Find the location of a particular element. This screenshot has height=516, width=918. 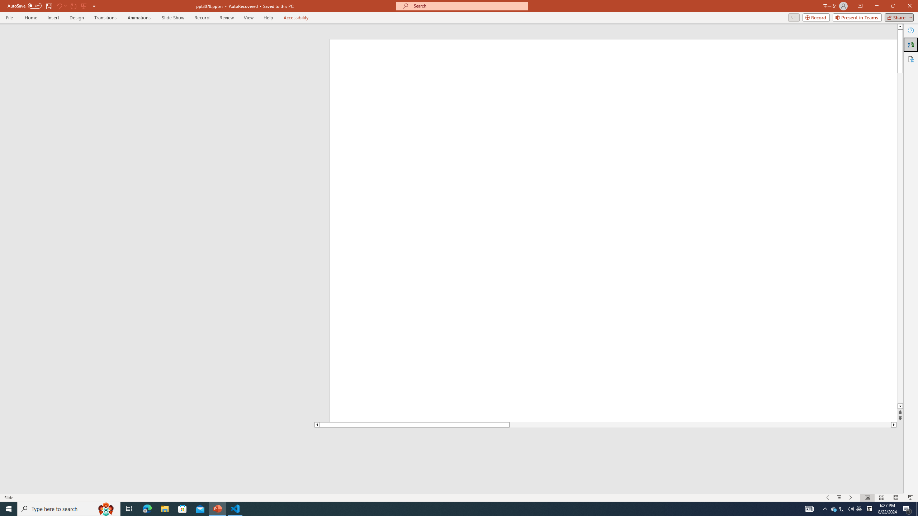

'Menu On' is located at coordinates (839, 498).